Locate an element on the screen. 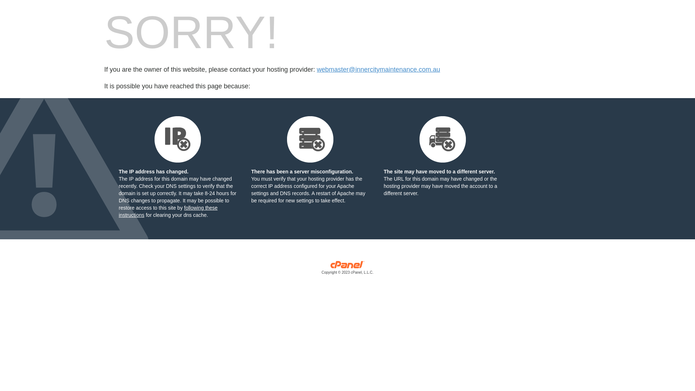 This screenshot has height=391, width=695. 'webmaster@innercitymaintenance.com.au' is located at coordinates (378, 70).